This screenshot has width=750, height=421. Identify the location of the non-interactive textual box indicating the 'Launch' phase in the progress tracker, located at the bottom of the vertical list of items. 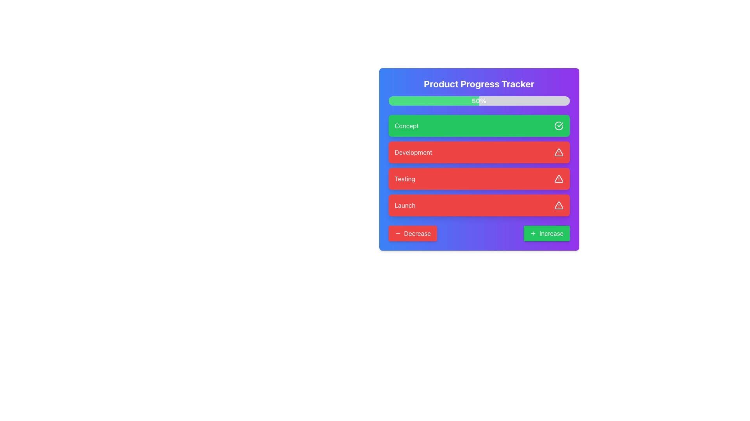
(479, 205).